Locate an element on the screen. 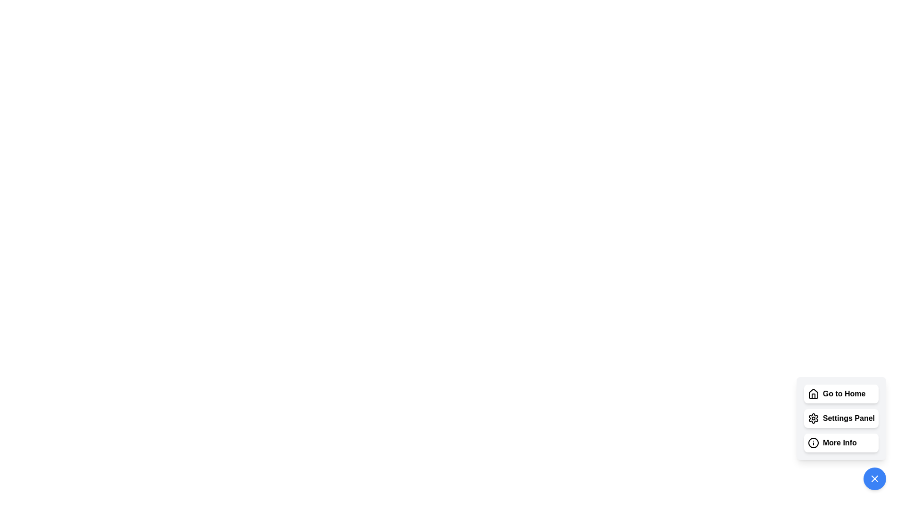  the 'More Info' button located at the bottom-right of the page is located at coordinates (841, 434).